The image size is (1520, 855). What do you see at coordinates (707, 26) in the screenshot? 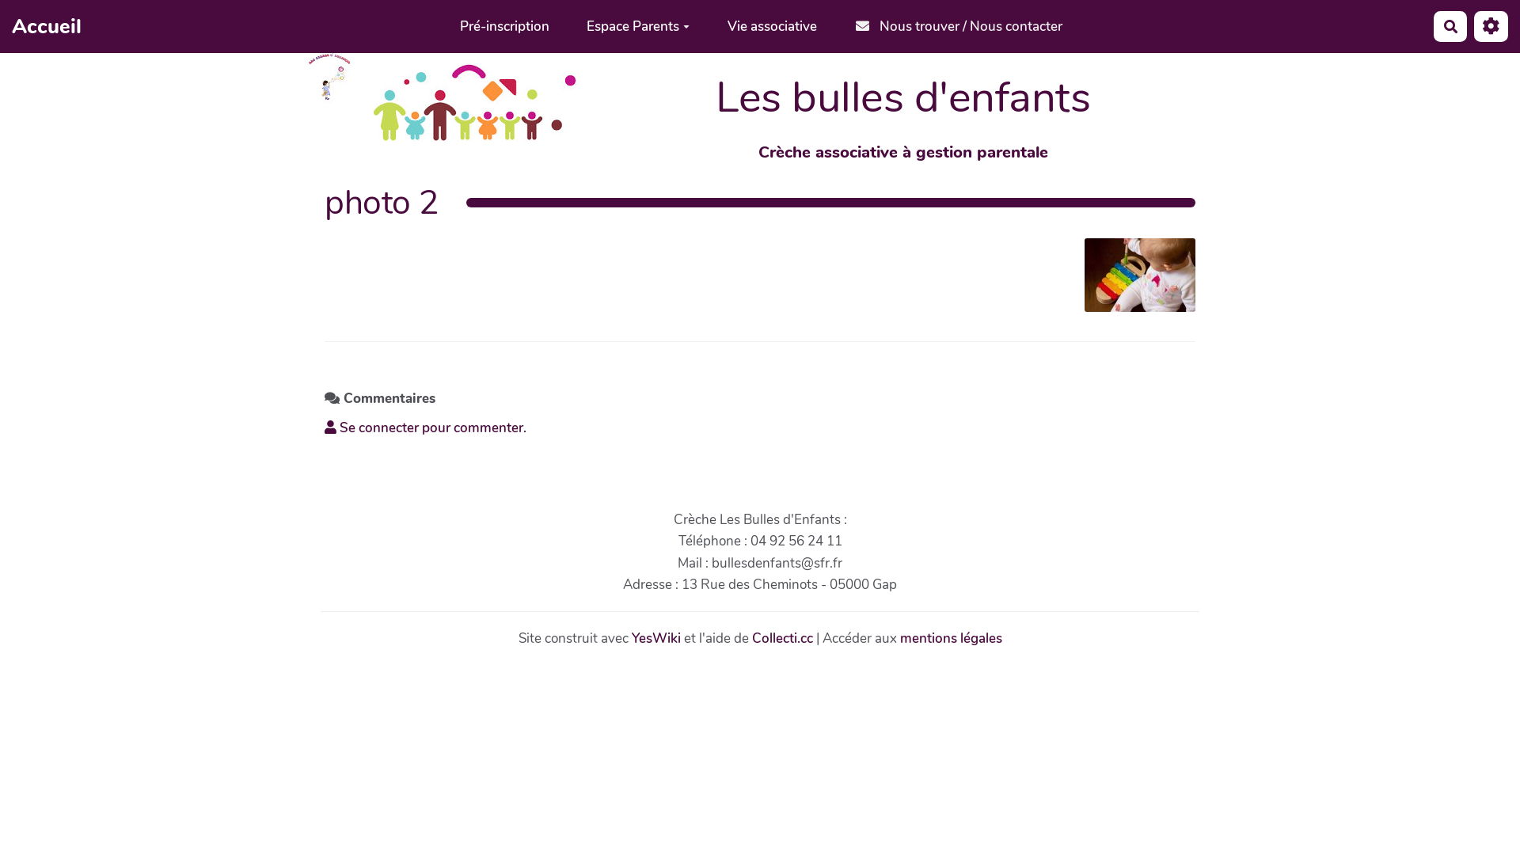
I see `'Vie associative'` at bounding box center [707, 26].